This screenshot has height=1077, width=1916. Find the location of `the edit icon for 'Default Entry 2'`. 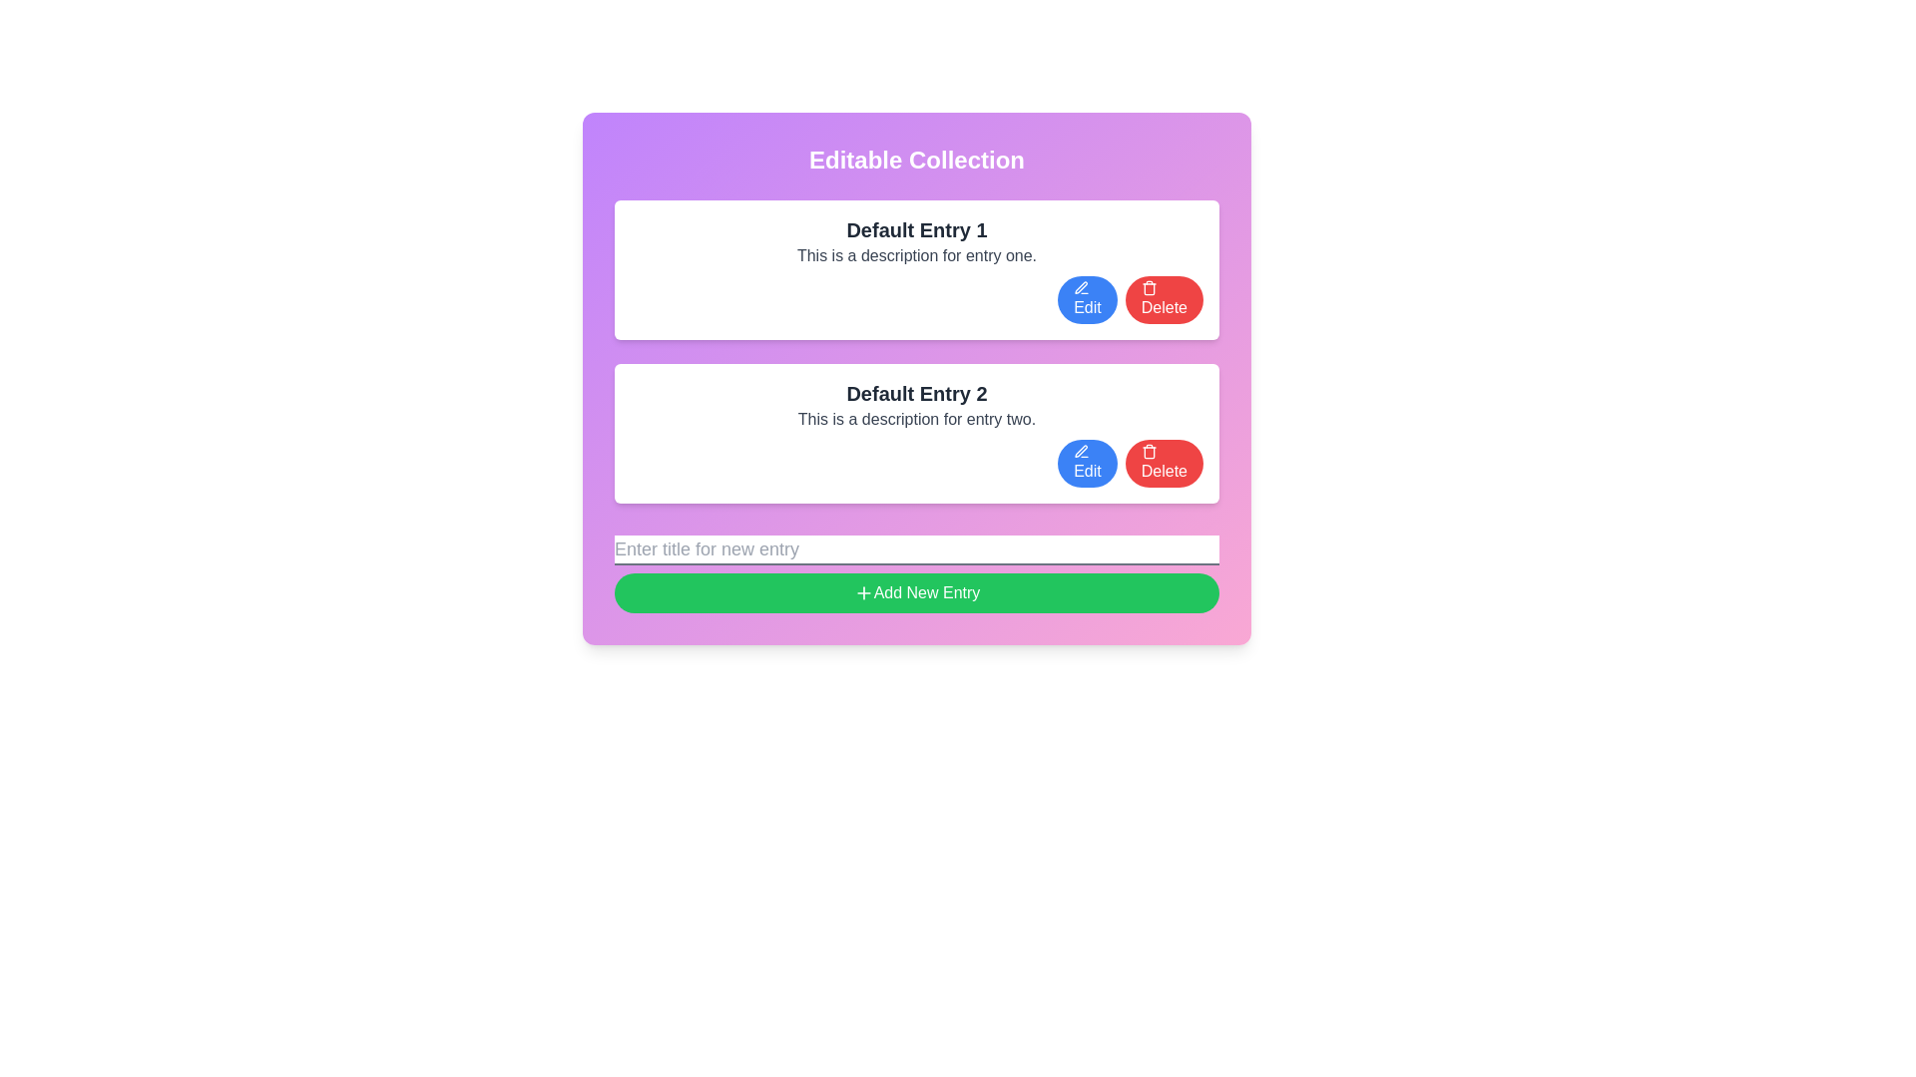

the edit icon for 'Default Entry 2' is located at coordinates (1081, 451).